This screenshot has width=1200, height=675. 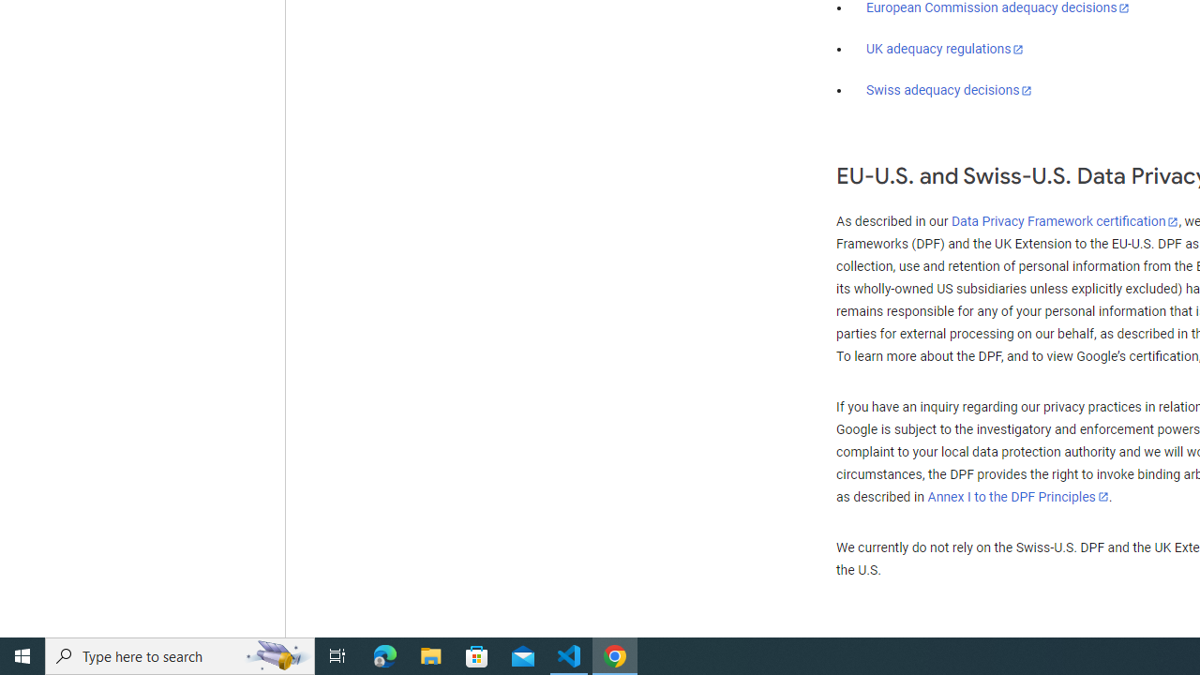 I want to click on 'Annex I to the DPF Principles', so click(x=1017, y=496).